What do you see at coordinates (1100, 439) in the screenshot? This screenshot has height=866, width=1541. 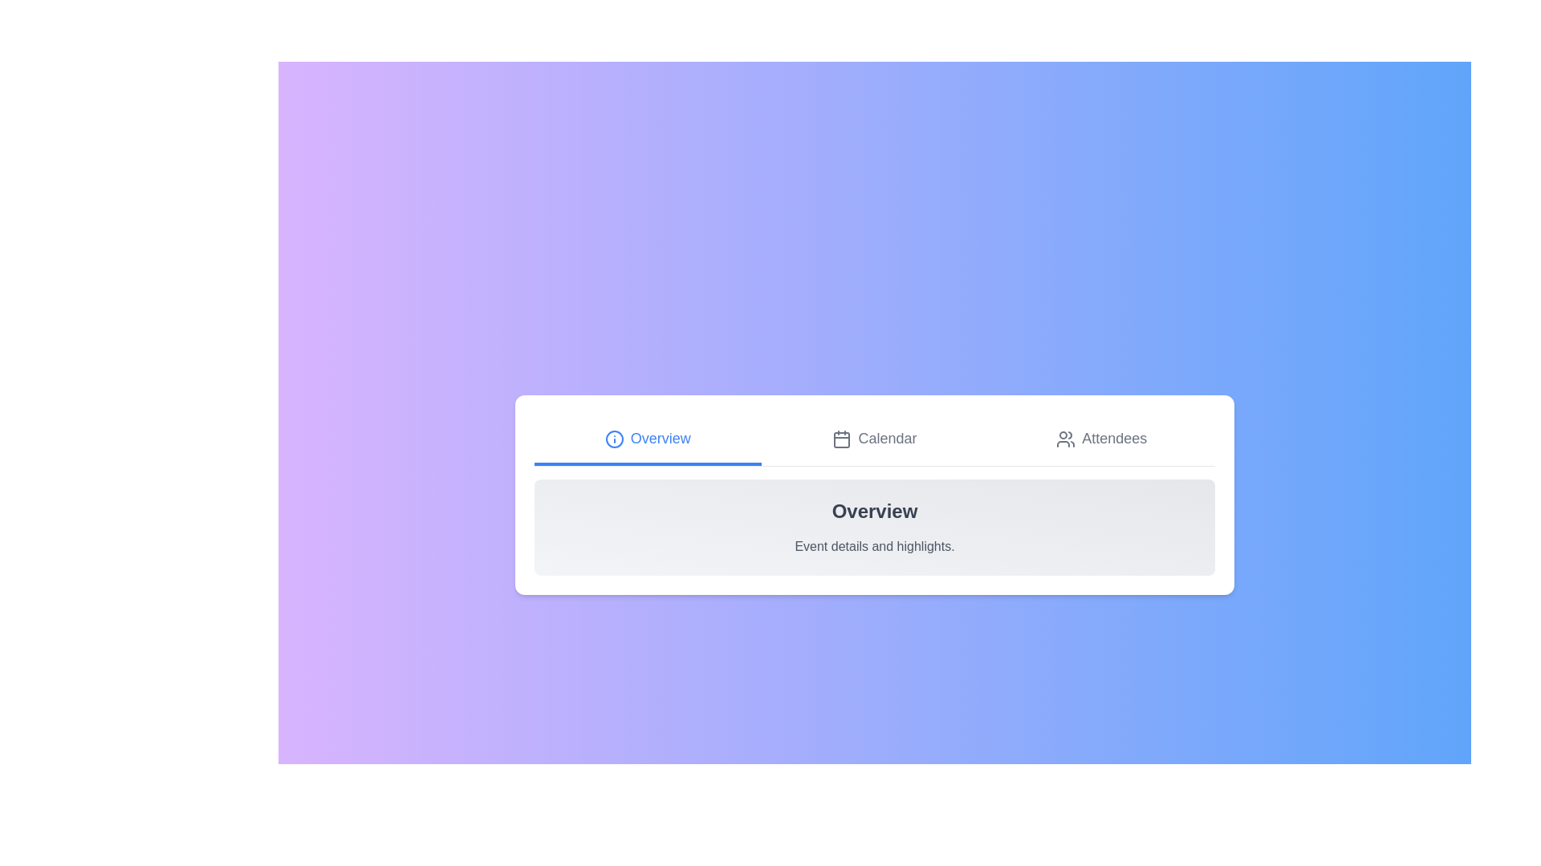 I see `the tab labeled Attendees to switch to the corresponding view` at bounding box center [1100, 439].